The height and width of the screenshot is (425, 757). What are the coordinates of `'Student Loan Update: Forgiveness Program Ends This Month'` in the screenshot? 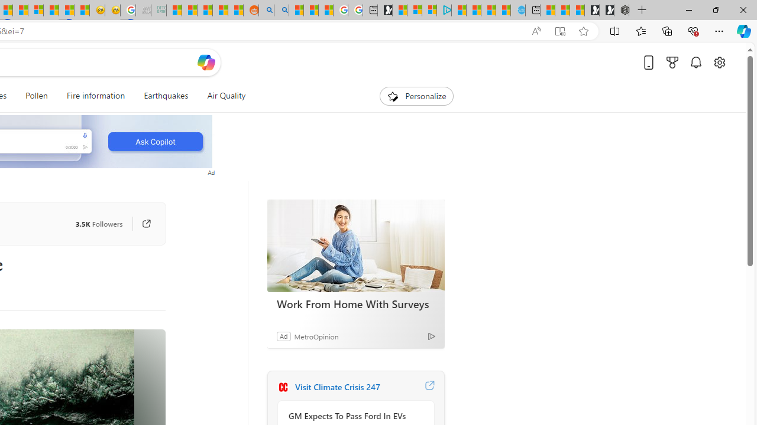 It's located at (220, 10).